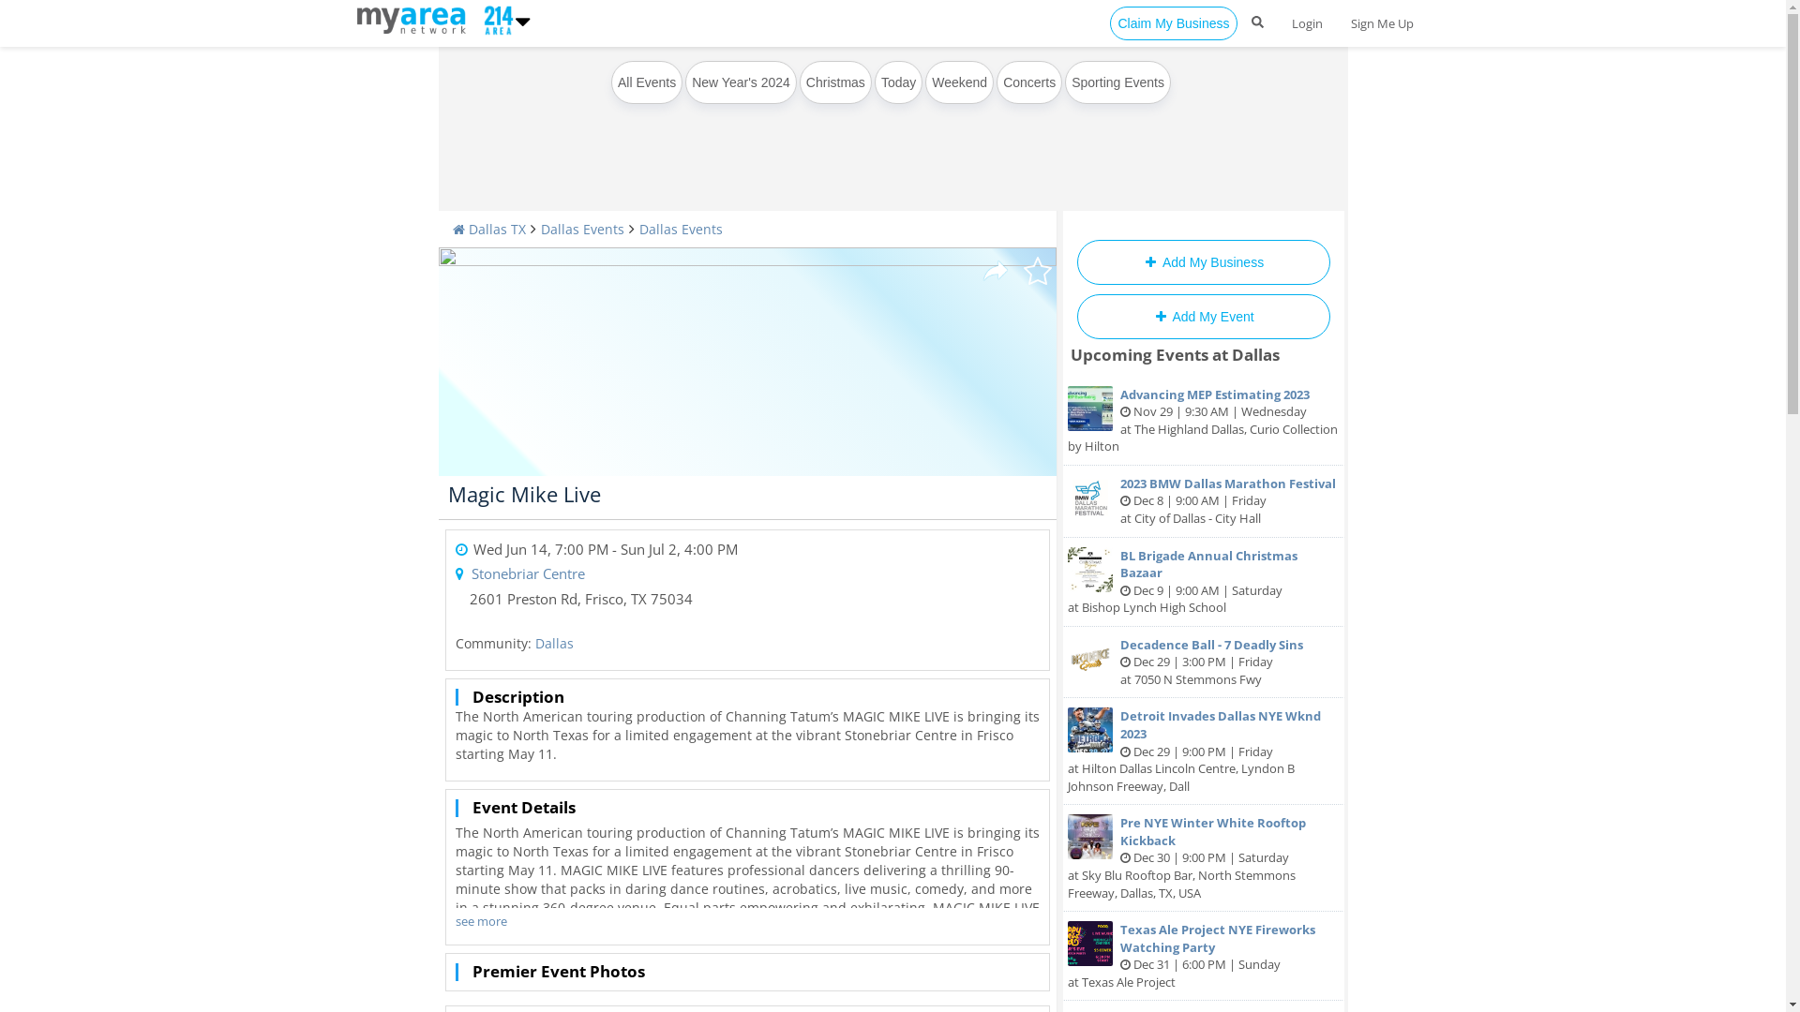 The height and width of the screenshot is (1012, 1800). What do you see at coordinates (647, 82) in the screenshot?
I see `'All Events'` at bounding box center [647, 82].